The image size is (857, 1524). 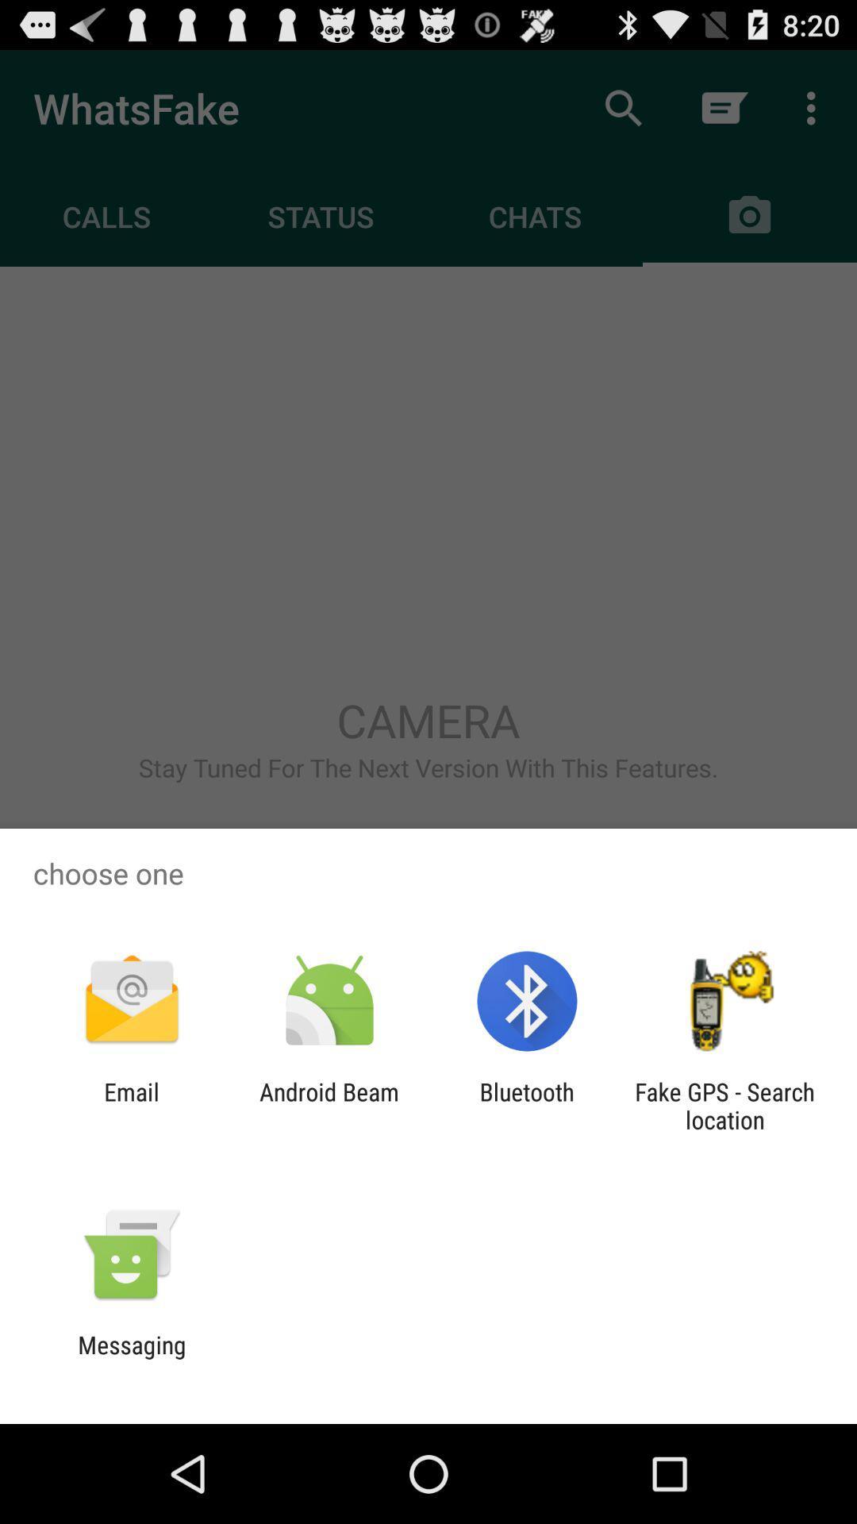 What do you see at coordinates (329, 1105) in the screenshot?
I see `the icon next to bluetooth app` at bounding box center [329, 1105].